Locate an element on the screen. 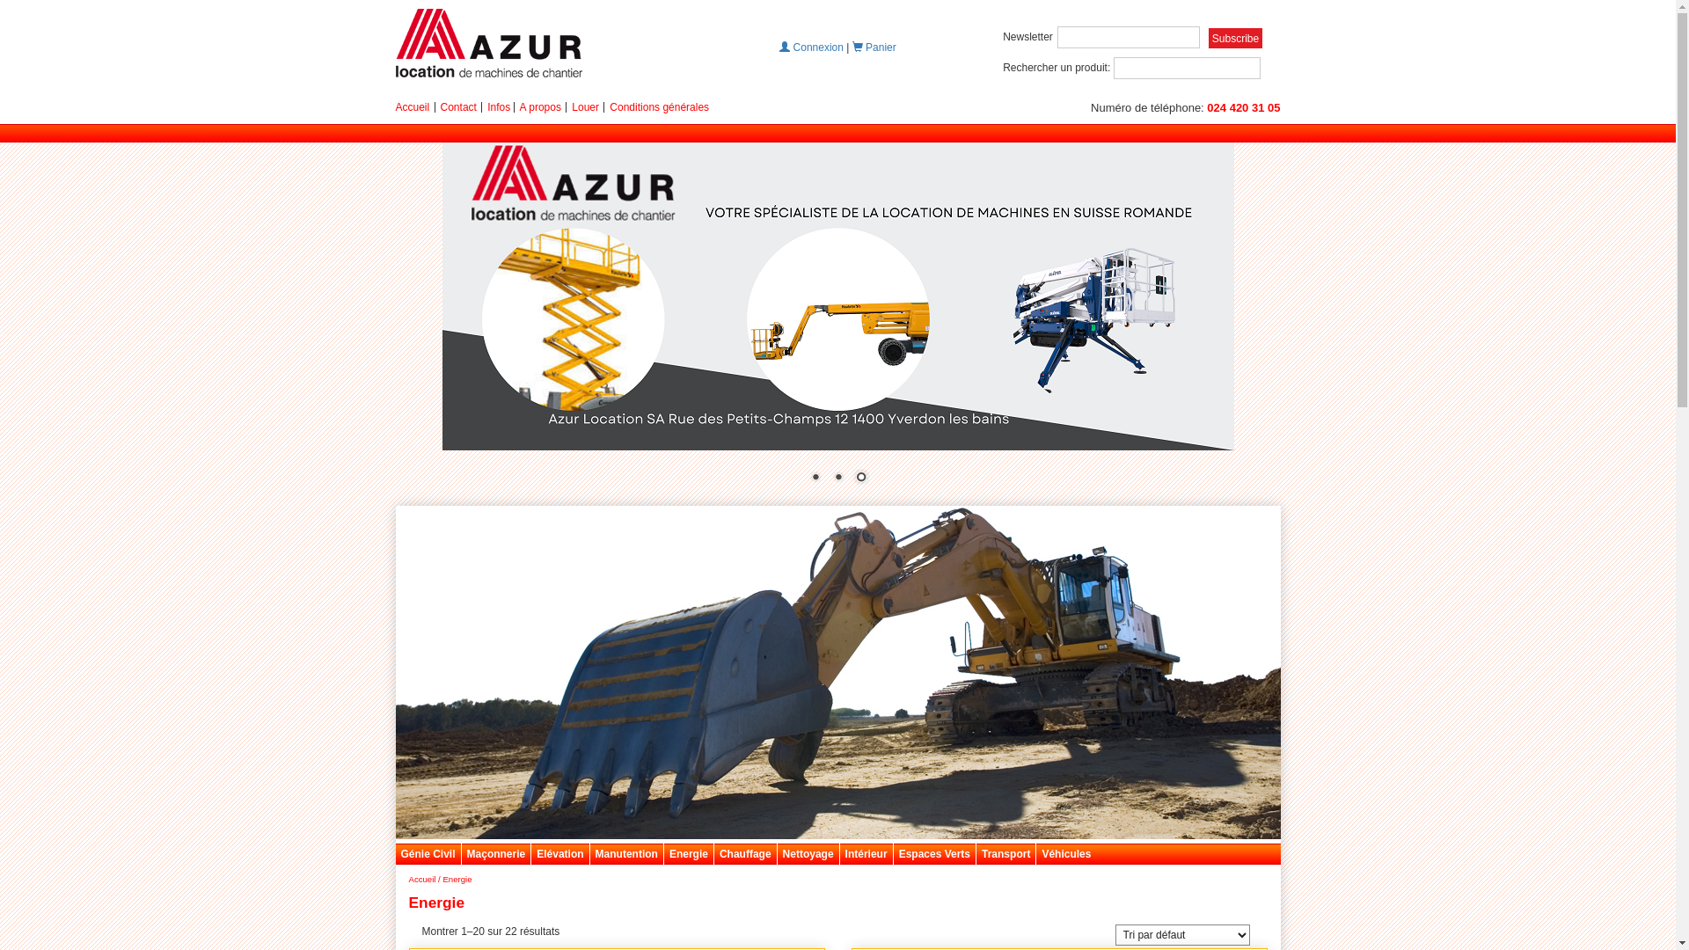 This screenshot has height=950, width=1689. '2' is located at coordinates (827, 479).